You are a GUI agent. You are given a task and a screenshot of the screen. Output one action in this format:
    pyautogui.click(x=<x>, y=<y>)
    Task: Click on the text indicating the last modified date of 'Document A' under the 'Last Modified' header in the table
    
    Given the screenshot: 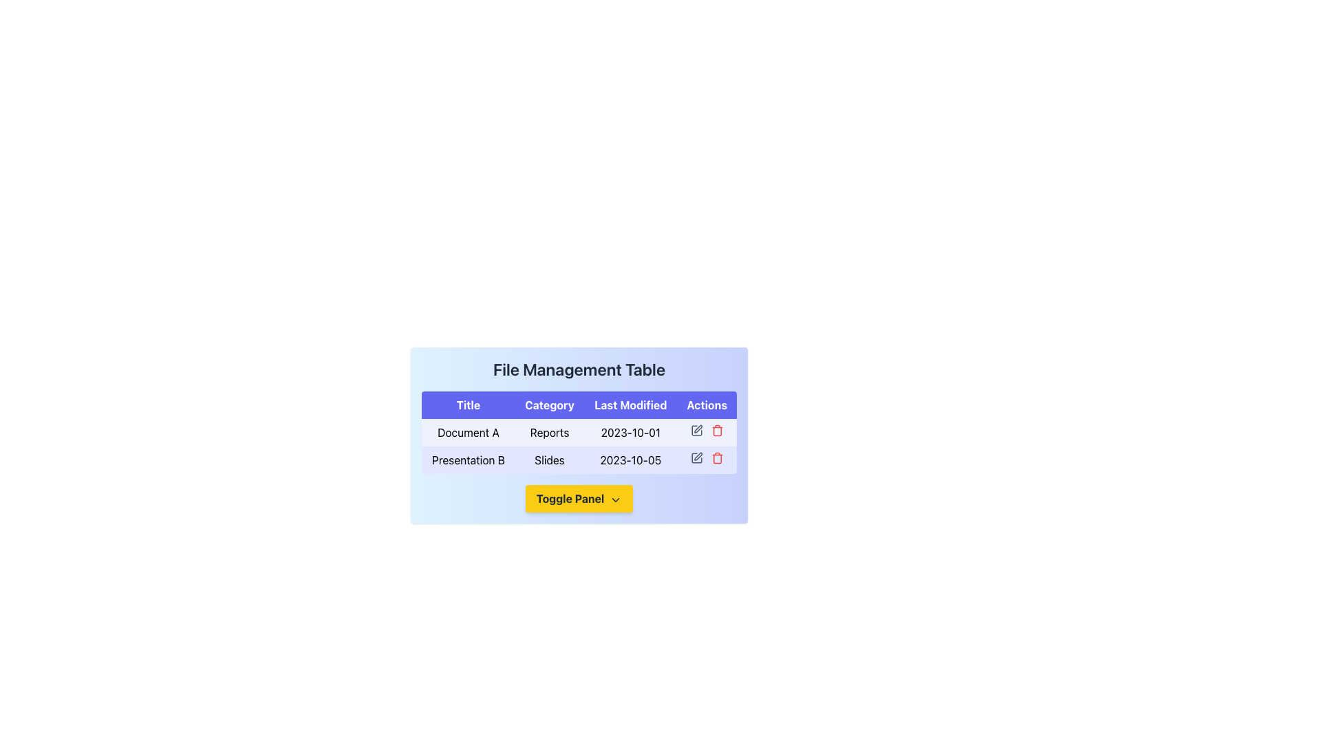 What is the action you would take?
    pyautogui.click(x=630, y=431)
    